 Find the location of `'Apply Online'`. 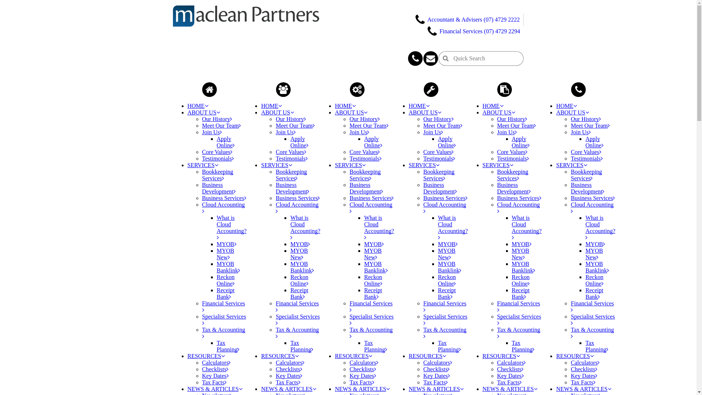

'Apply Online' is located at coordinates (521, 142).